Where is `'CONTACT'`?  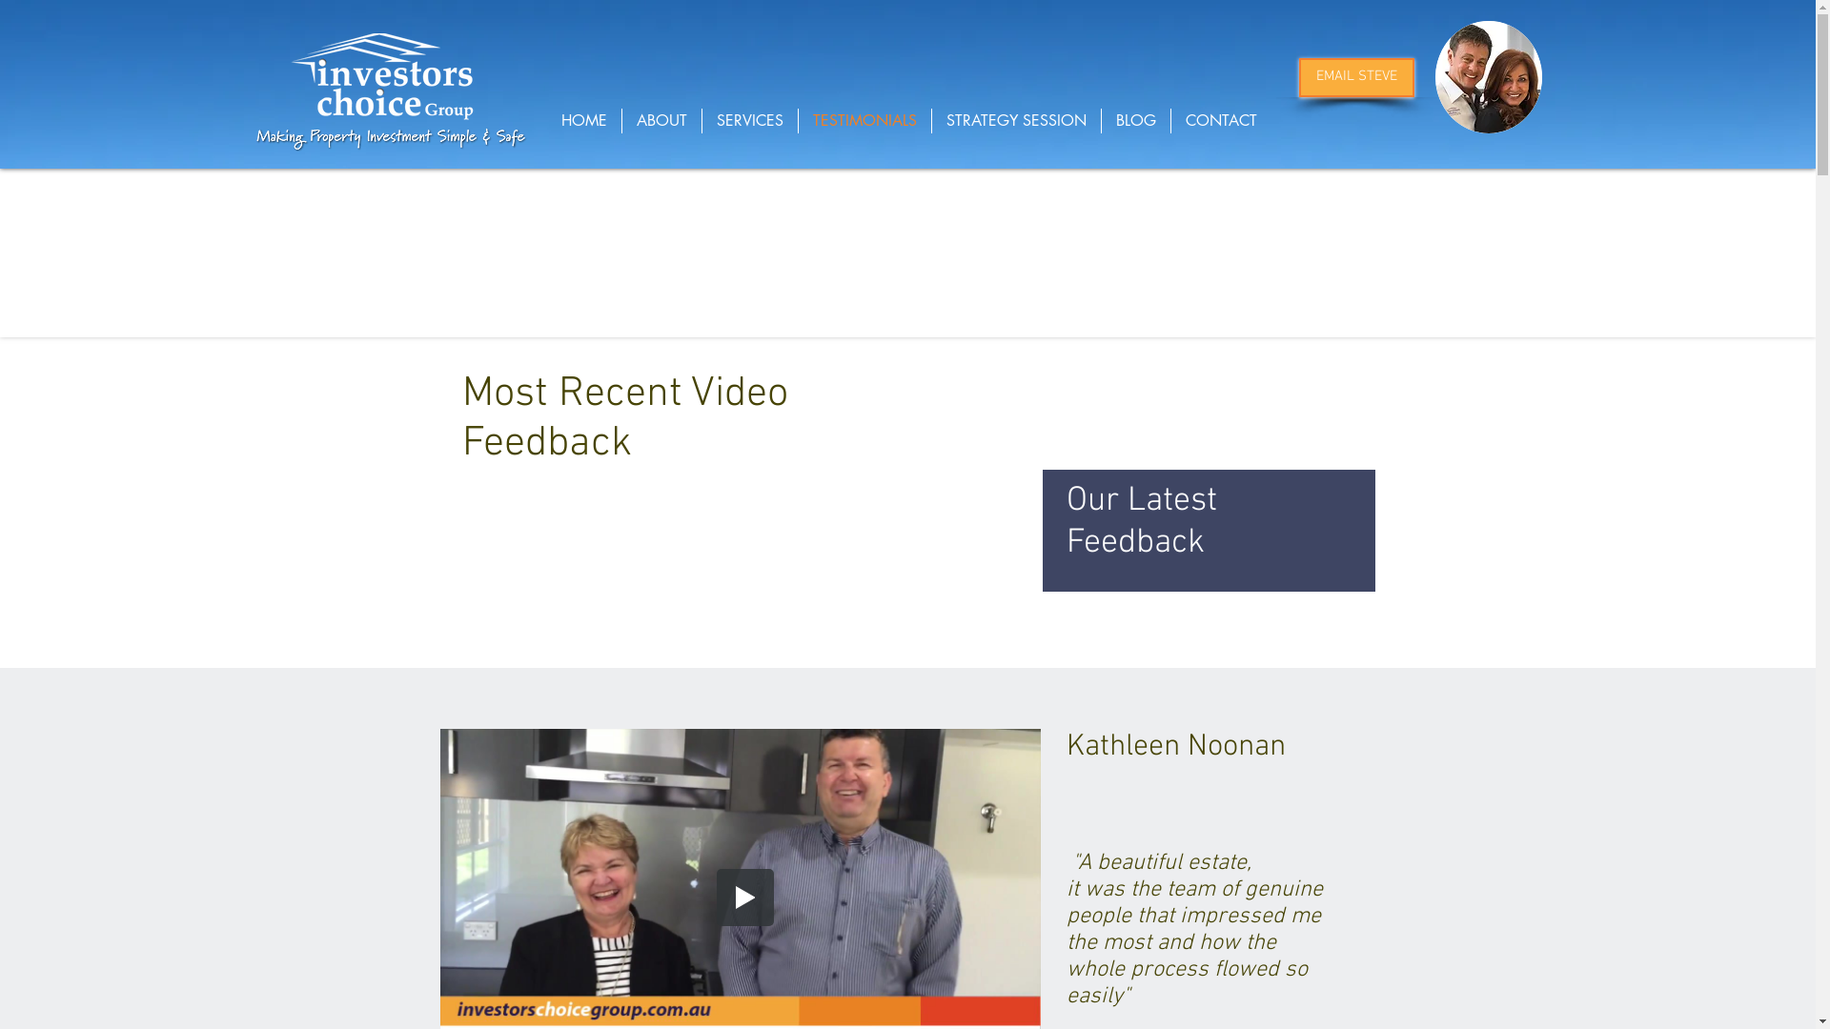
'CONTACT' is located at coordinates (1220, 121).